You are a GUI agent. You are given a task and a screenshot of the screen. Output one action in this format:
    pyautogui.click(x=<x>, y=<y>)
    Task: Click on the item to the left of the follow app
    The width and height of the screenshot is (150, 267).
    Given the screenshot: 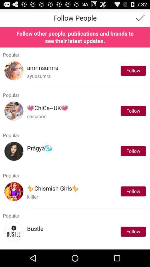 What is the action you would take?
    pyautogui.click(x=42, y=67)
    